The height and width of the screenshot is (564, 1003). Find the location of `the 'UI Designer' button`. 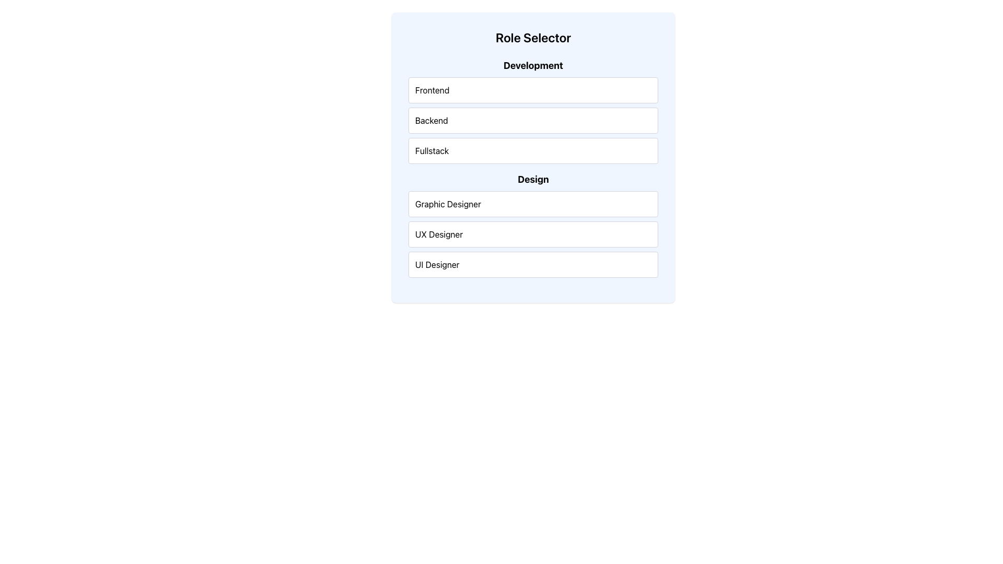

the 'UI Designer' button is located at coordinates (533, 264).